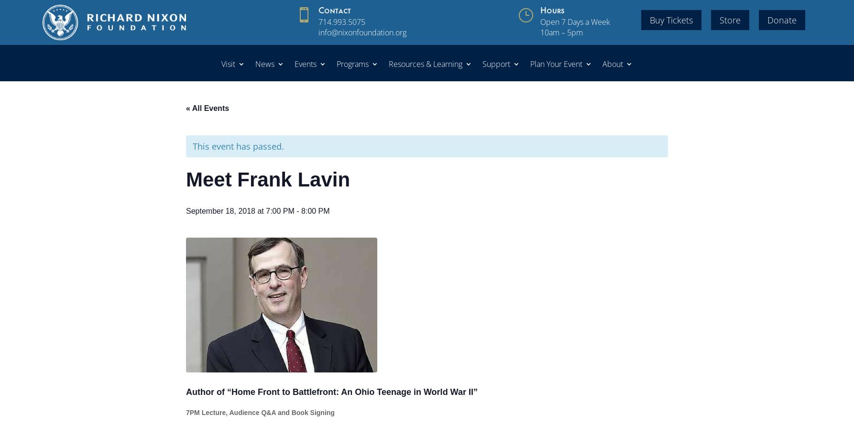 This screenshot has height=426, width=854. I want to click on 'Weddings', so click(560, 101).